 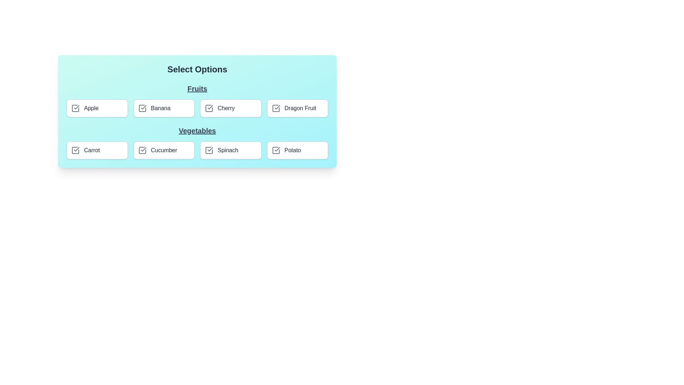 What do you see at coordinates (230, 150) in the screenshot?
I see `the checkbox in the Spinach Card component` at bounding box center [230, 150].